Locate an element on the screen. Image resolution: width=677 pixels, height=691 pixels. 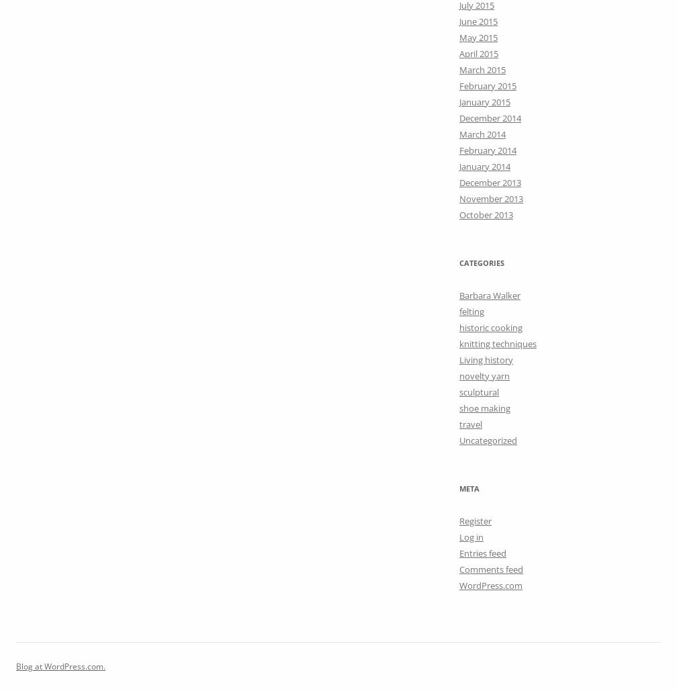
'March 2015' is located at coordinates (482, 68).